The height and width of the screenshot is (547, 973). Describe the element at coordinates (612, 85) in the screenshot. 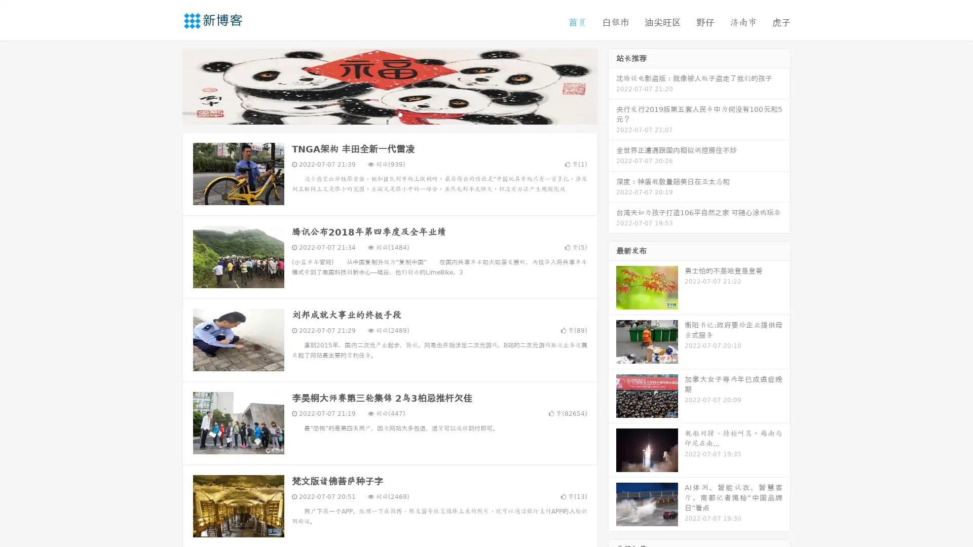

I see `Next slide` at that location.